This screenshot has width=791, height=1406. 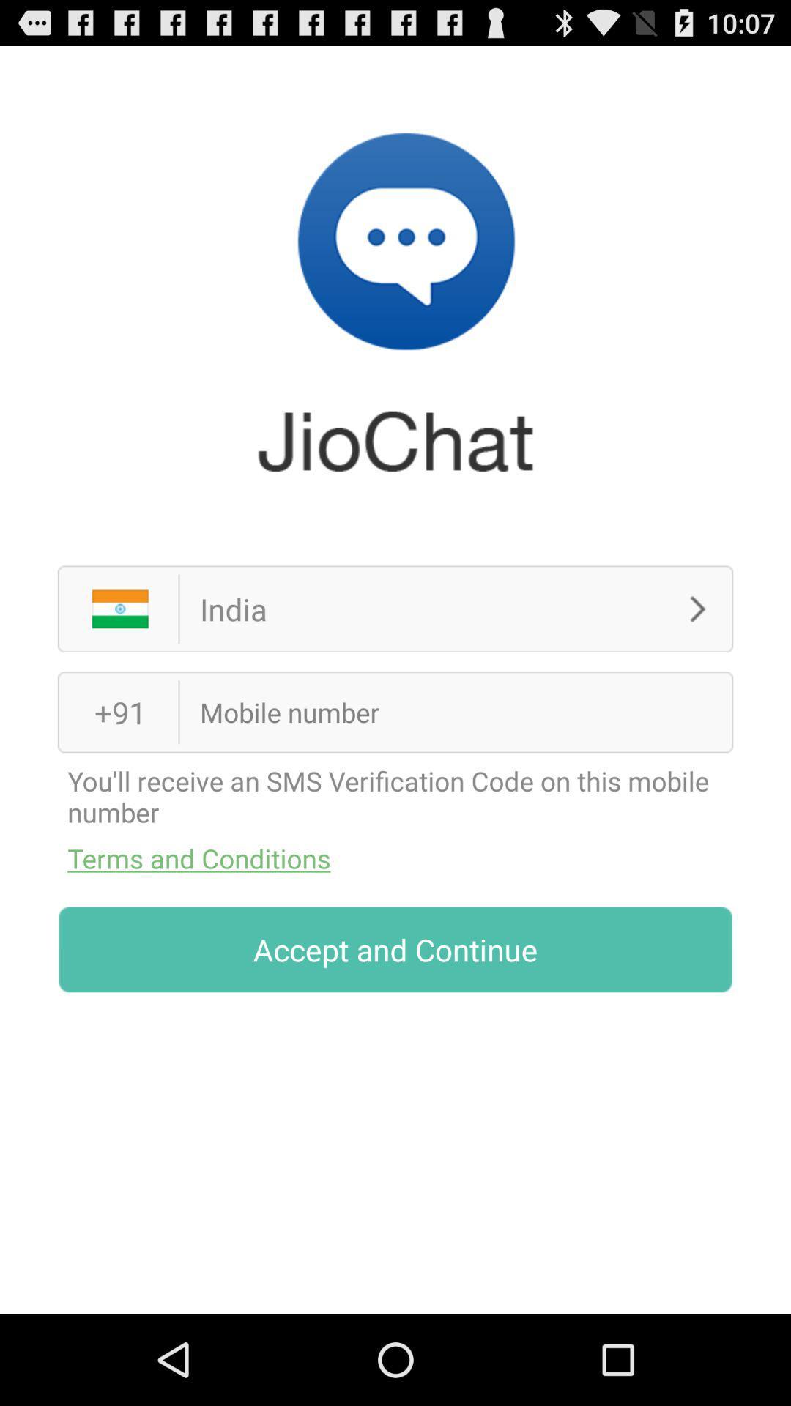 What do you see at coordinates (432, 712) in the screenshot?
I see `phone number` at bounding box center [432, 712].